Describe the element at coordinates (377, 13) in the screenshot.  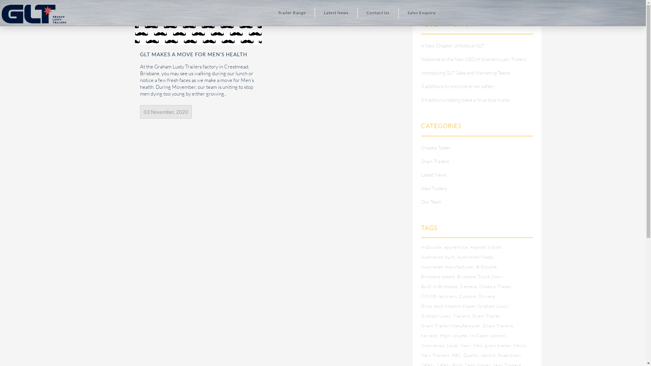
I see `'Contact Us'` at that location.